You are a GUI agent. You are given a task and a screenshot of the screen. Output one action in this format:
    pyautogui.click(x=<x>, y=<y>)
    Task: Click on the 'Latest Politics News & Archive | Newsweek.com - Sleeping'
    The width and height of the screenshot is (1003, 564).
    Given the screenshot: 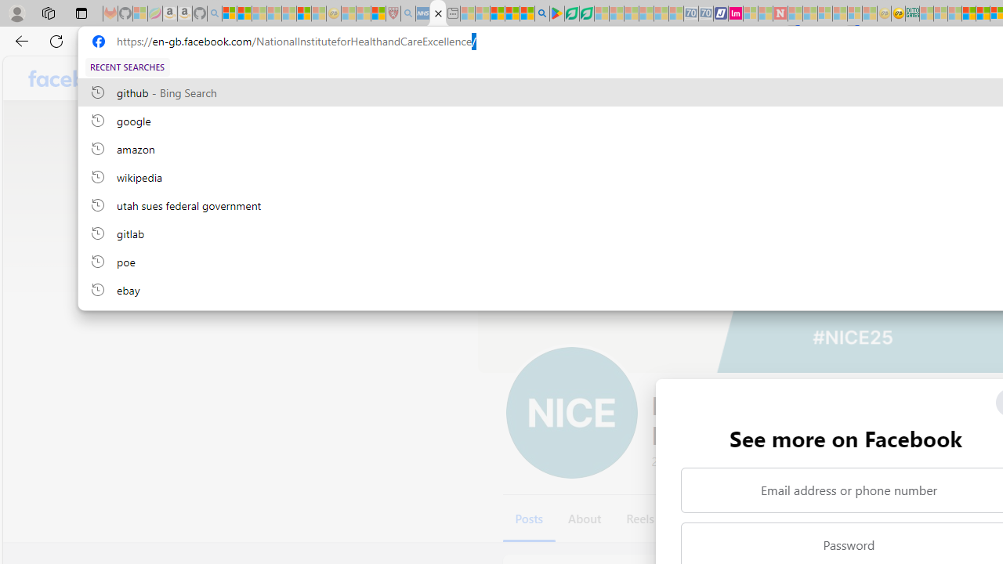 What is the action you would take?
    pyautogui.click(x=780, y=13)
    